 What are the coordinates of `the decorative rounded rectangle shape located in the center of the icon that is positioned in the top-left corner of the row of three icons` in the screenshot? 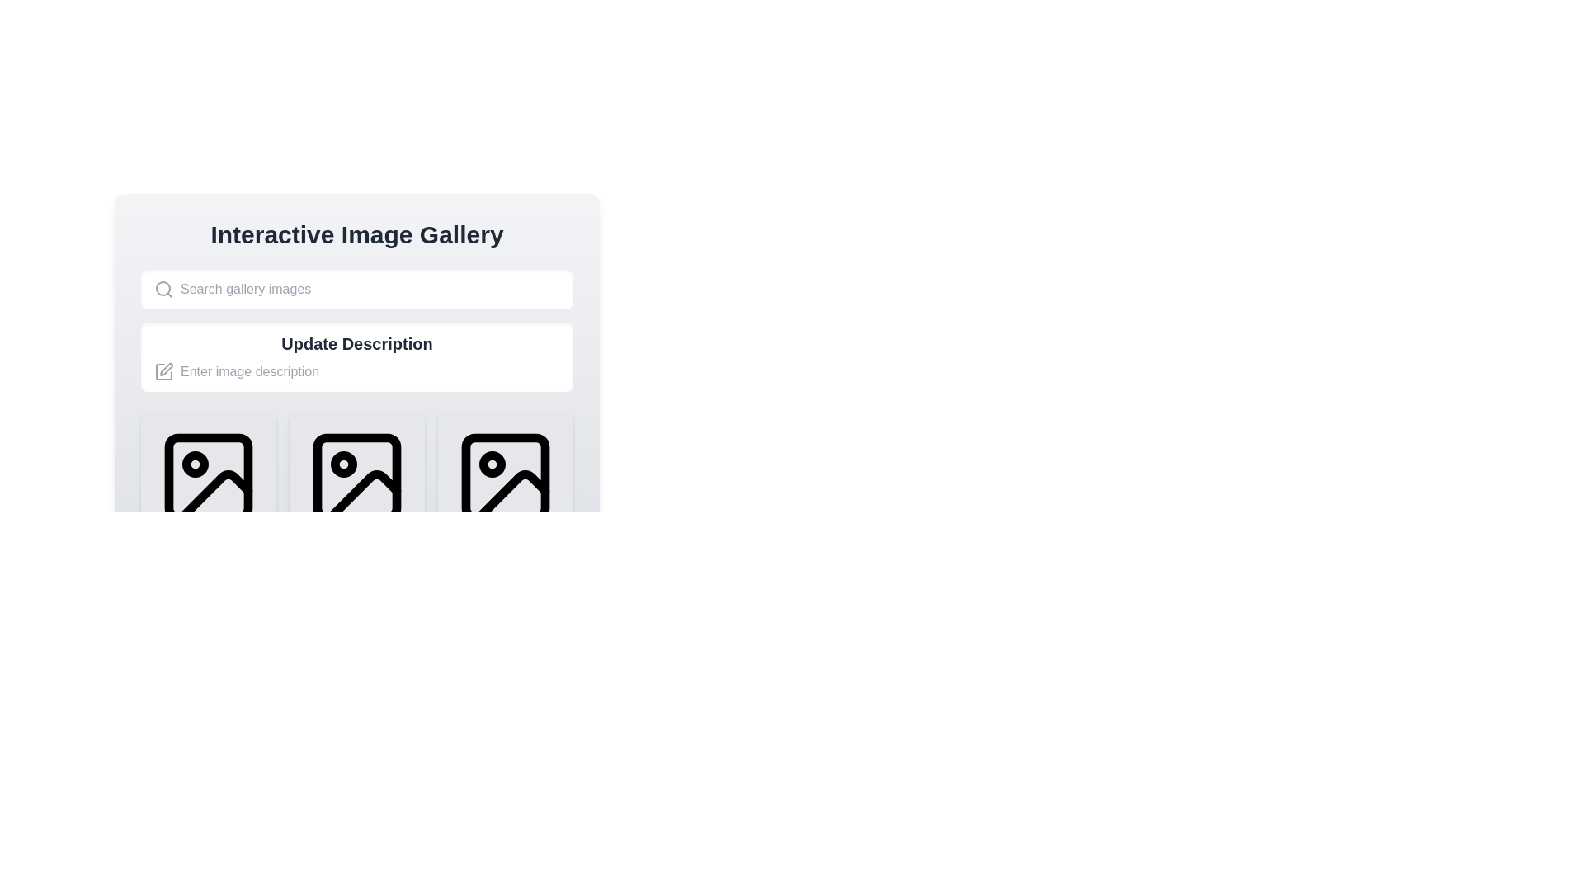 It's located at (356, 477).